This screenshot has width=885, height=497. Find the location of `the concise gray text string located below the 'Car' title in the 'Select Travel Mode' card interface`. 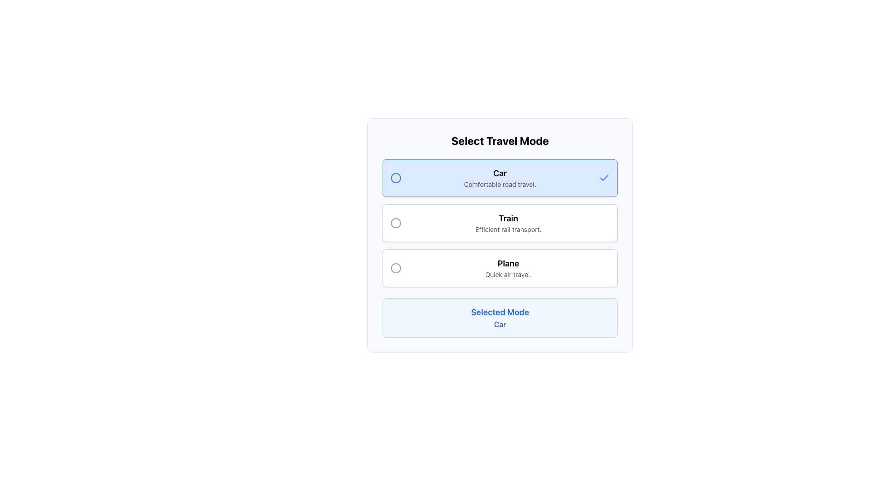

the concise gray text string located below the 'Car' title in the 'Select Travel Mode' card interface is located at coordinates (499, 185).